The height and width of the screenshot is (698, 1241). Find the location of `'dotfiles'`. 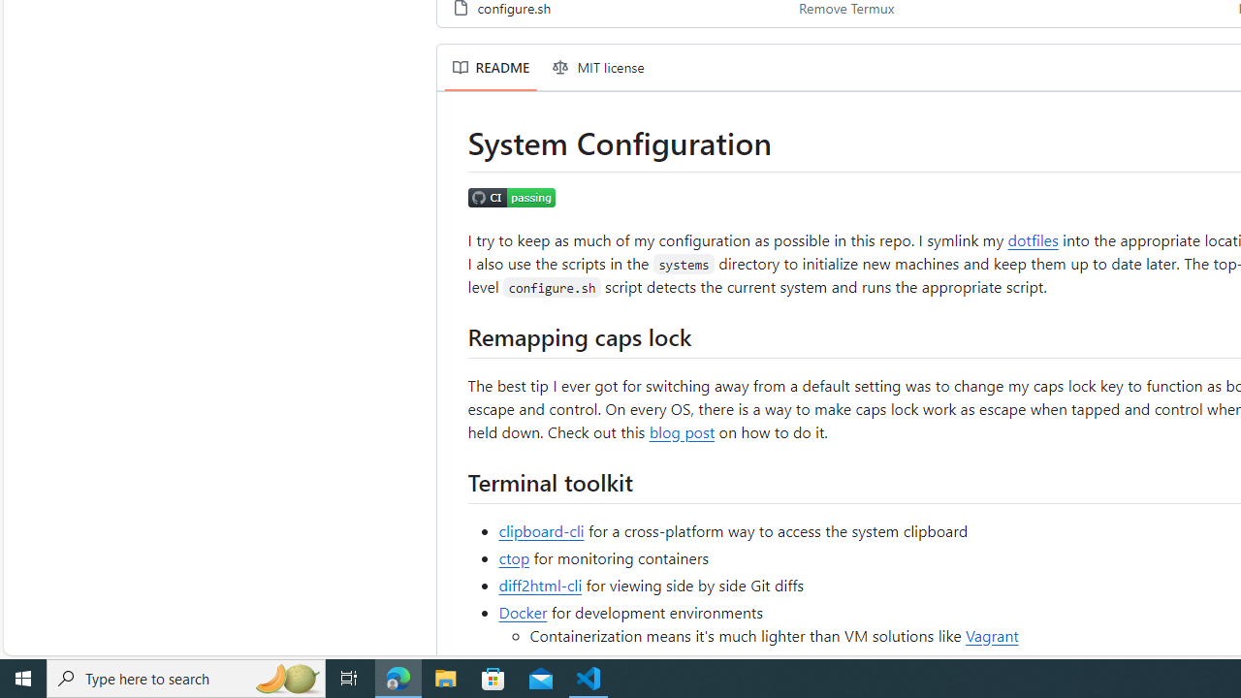

'dotfiles' is located at coordinates (1032, 238).